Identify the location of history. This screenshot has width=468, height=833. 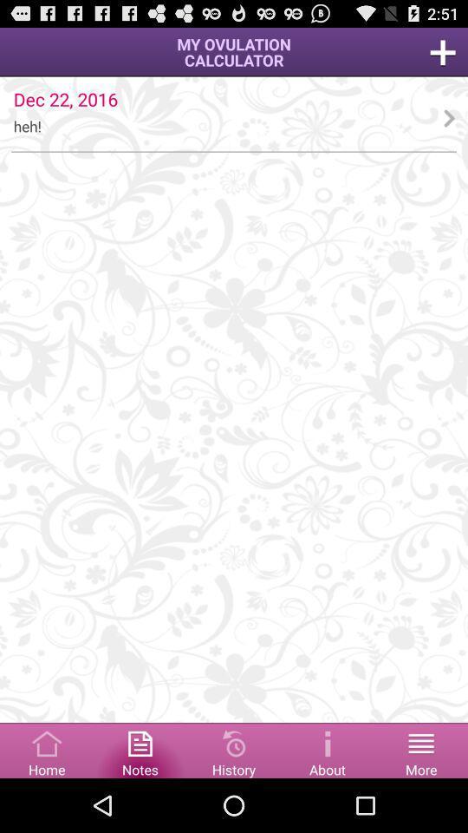
(234, 749).